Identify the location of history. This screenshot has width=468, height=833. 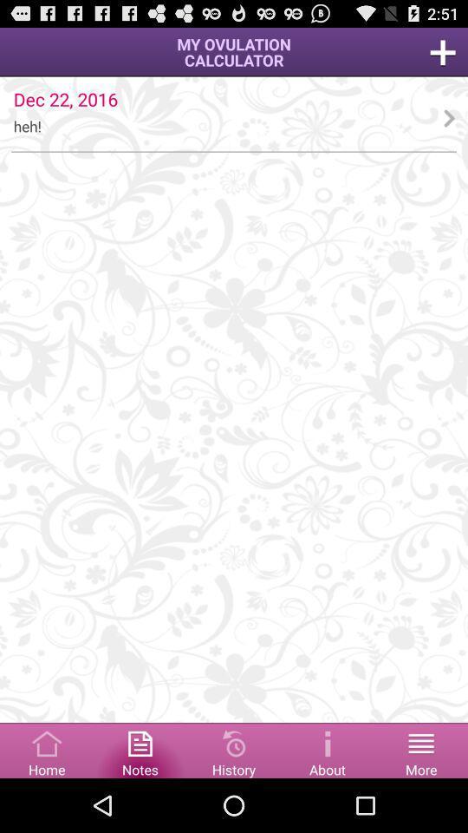
(234, 749).